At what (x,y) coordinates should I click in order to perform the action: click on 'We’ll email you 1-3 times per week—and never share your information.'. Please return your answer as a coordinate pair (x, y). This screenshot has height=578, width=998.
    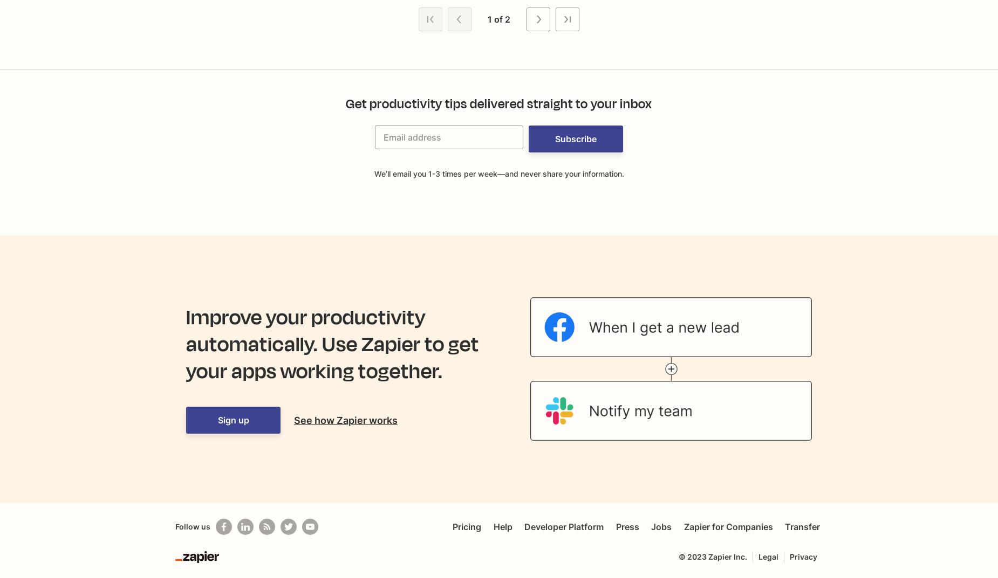
    Looking at the image, I should click on (498, 173).